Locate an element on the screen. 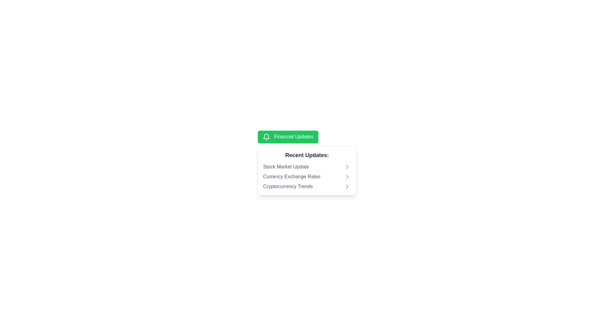 The height and width of the screenshot is (332, 590). the small right-pointing chevron icon styled in gray, located next to the 'Cryptocurrency Trends' text in the content list is located at coordinates (347, 186).